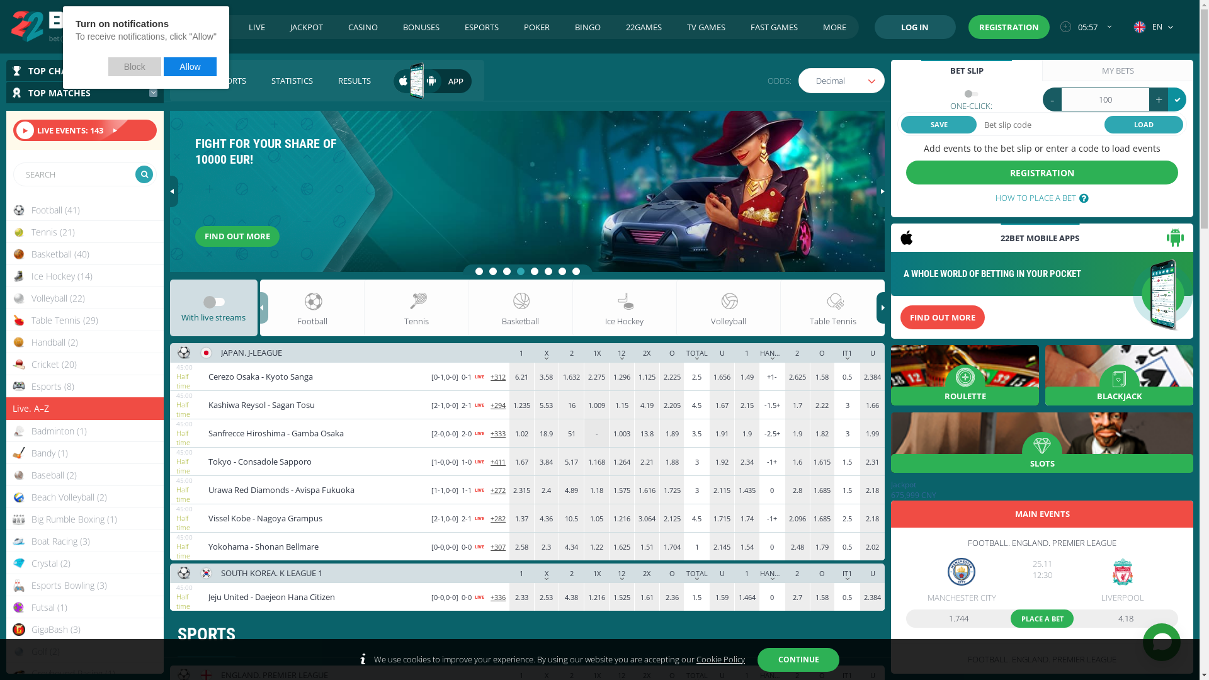 The width and height of the screenshot is (1209, 680). I want to click on 'Futsal, so click(84, 606).